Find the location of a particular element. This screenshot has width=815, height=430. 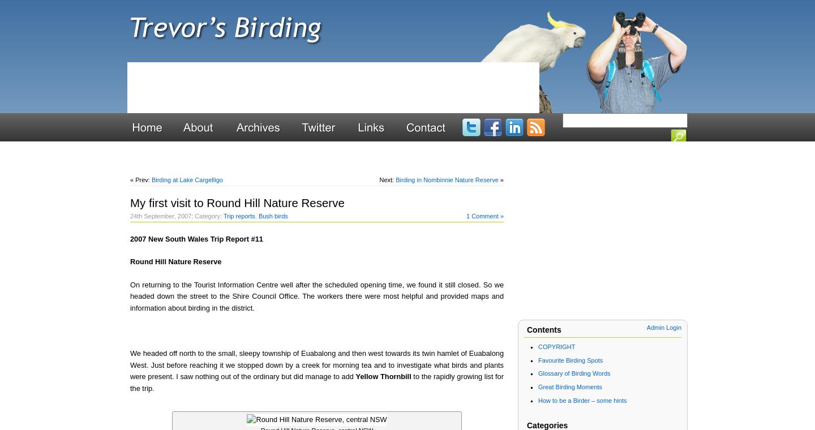

'Round Hill Nature Reserve' is located at coordinates (175, 261).